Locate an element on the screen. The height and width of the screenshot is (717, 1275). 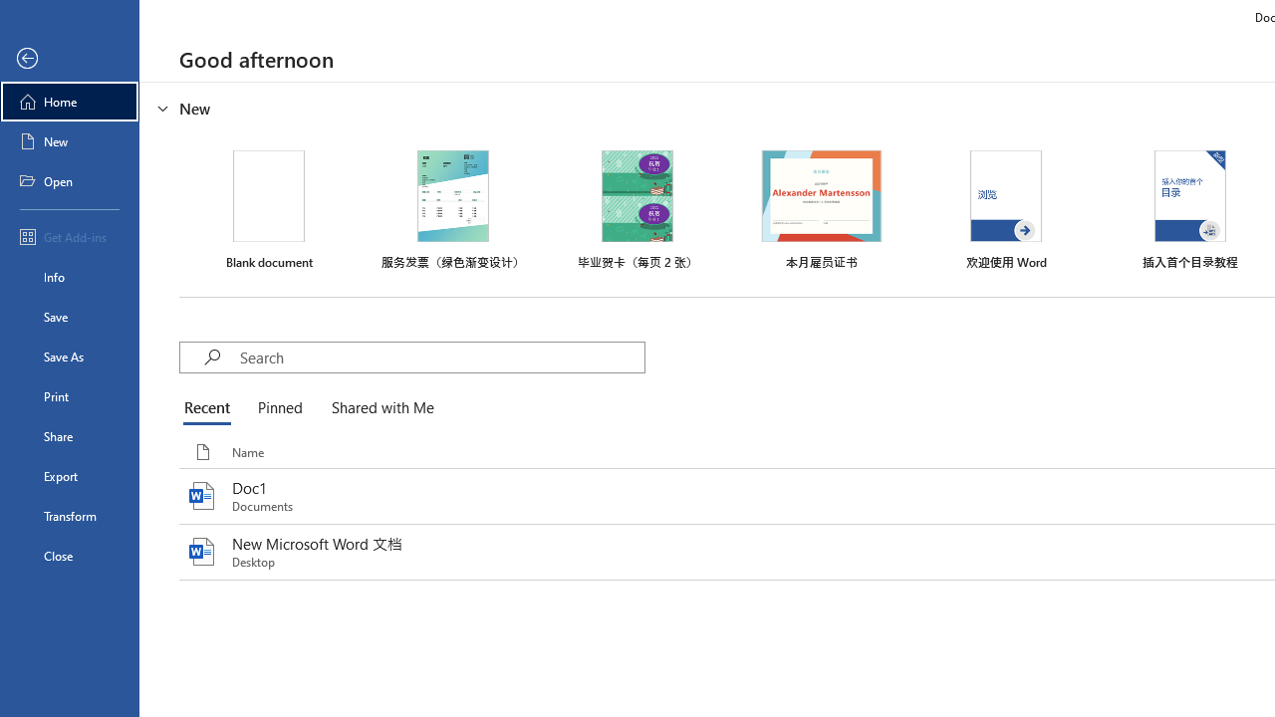
'Save As' is located at coordinates (69, 355).